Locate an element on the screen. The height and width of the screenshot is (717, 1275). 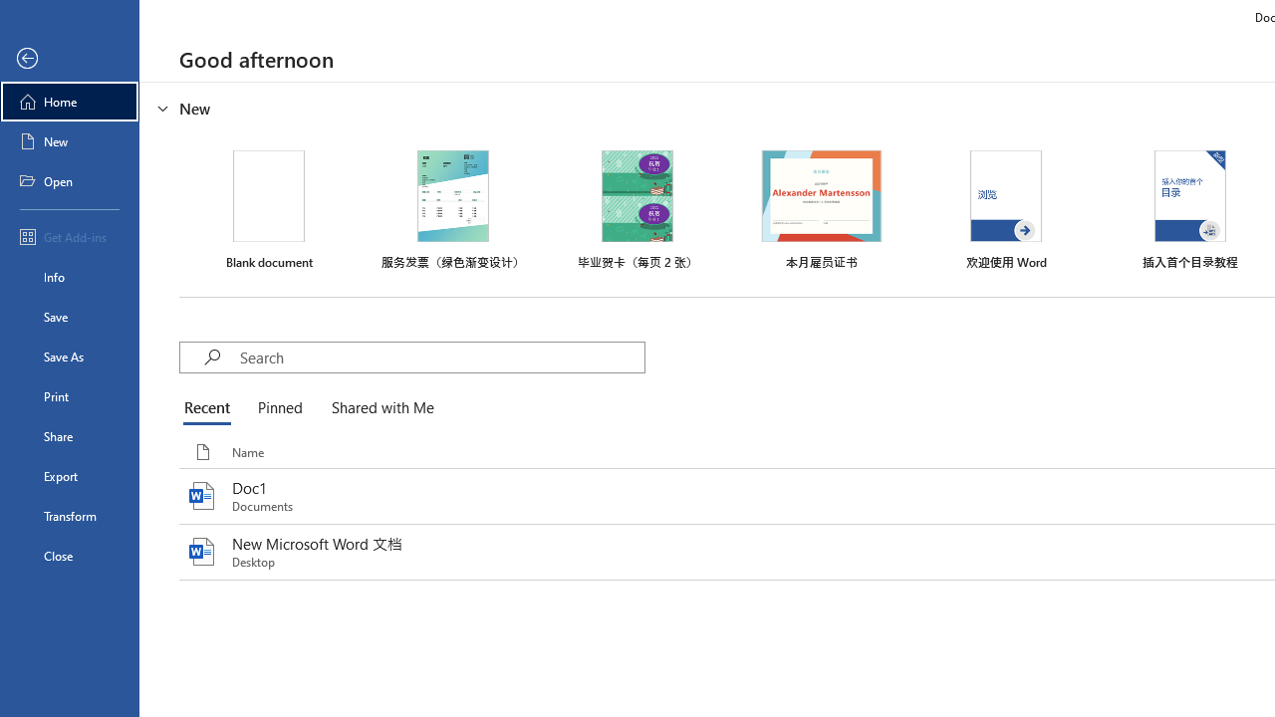
'Save As' is located at coordinates (69, 355).